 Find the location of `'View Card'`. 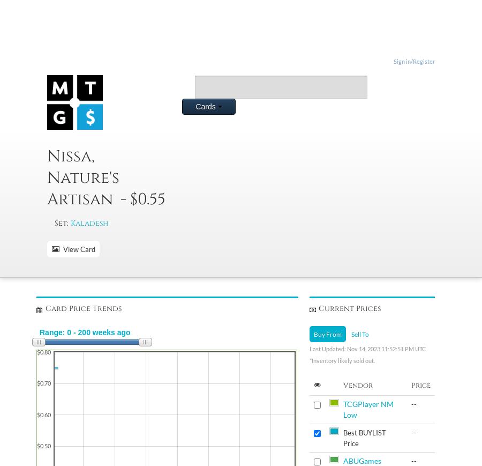

'View Card' is located at coordinates (59, 249).